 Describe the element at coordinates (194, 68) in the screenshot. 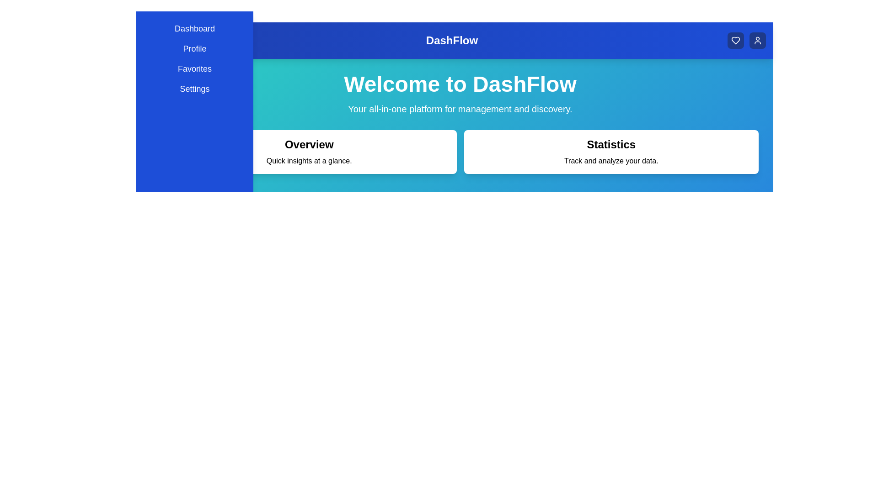

I see `the menu item Favorites to navigate to its respective section` at that location.